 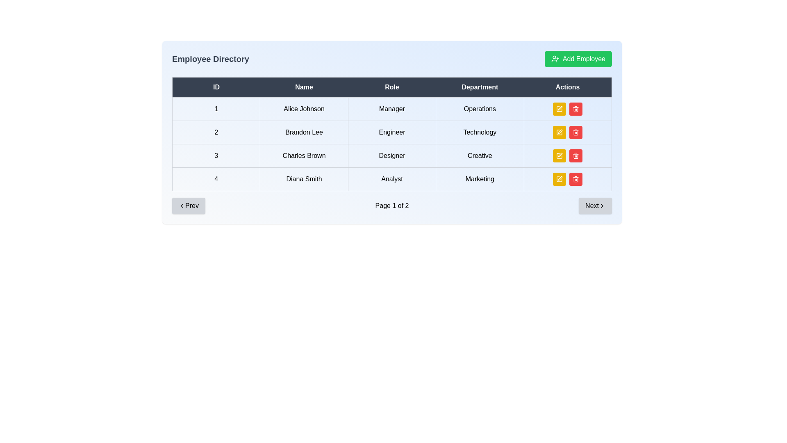 I want to click on the 'Add Employee' button that contains a user icon with a plus sign, located in the top-right corner above a table, so click(x=555, y=58).